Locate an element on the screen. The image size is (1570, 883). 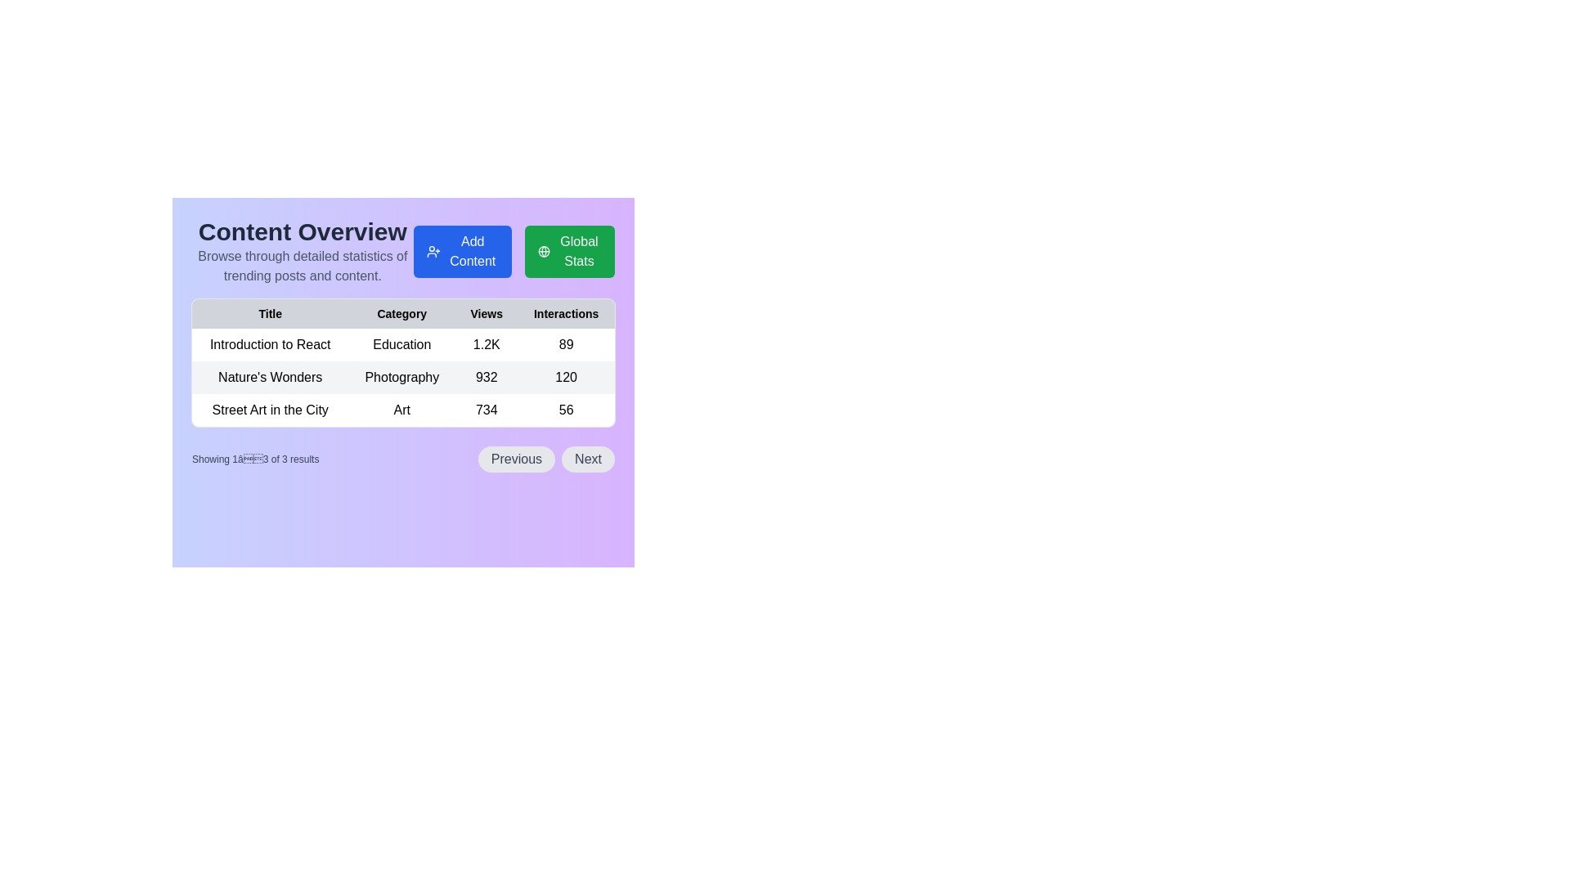
the second row of the table displaying content overview data, which contains the text "Nature's Wonders Photography 932 120" is located at coordinates (403, 378).